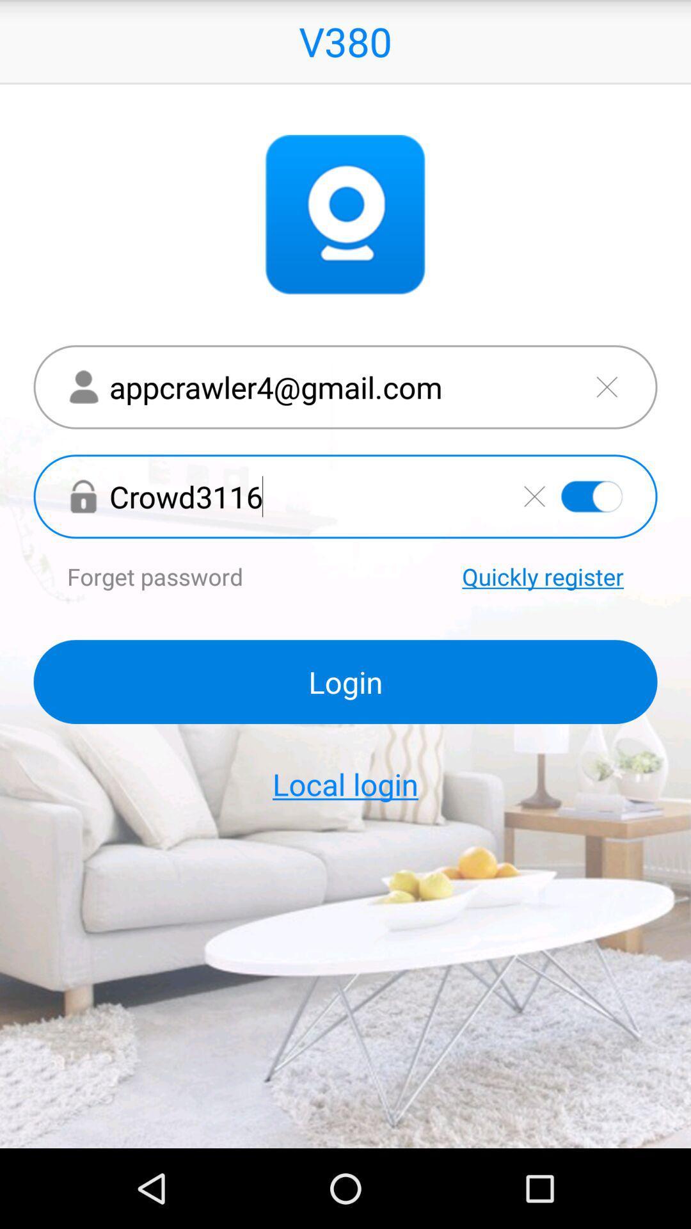 Image resolution: width=691 pixels, height=1229 pixels. What do you see at coordinates (606, 414) in the screenshot?
I see `the close icon` at bounding box center [606, 414].